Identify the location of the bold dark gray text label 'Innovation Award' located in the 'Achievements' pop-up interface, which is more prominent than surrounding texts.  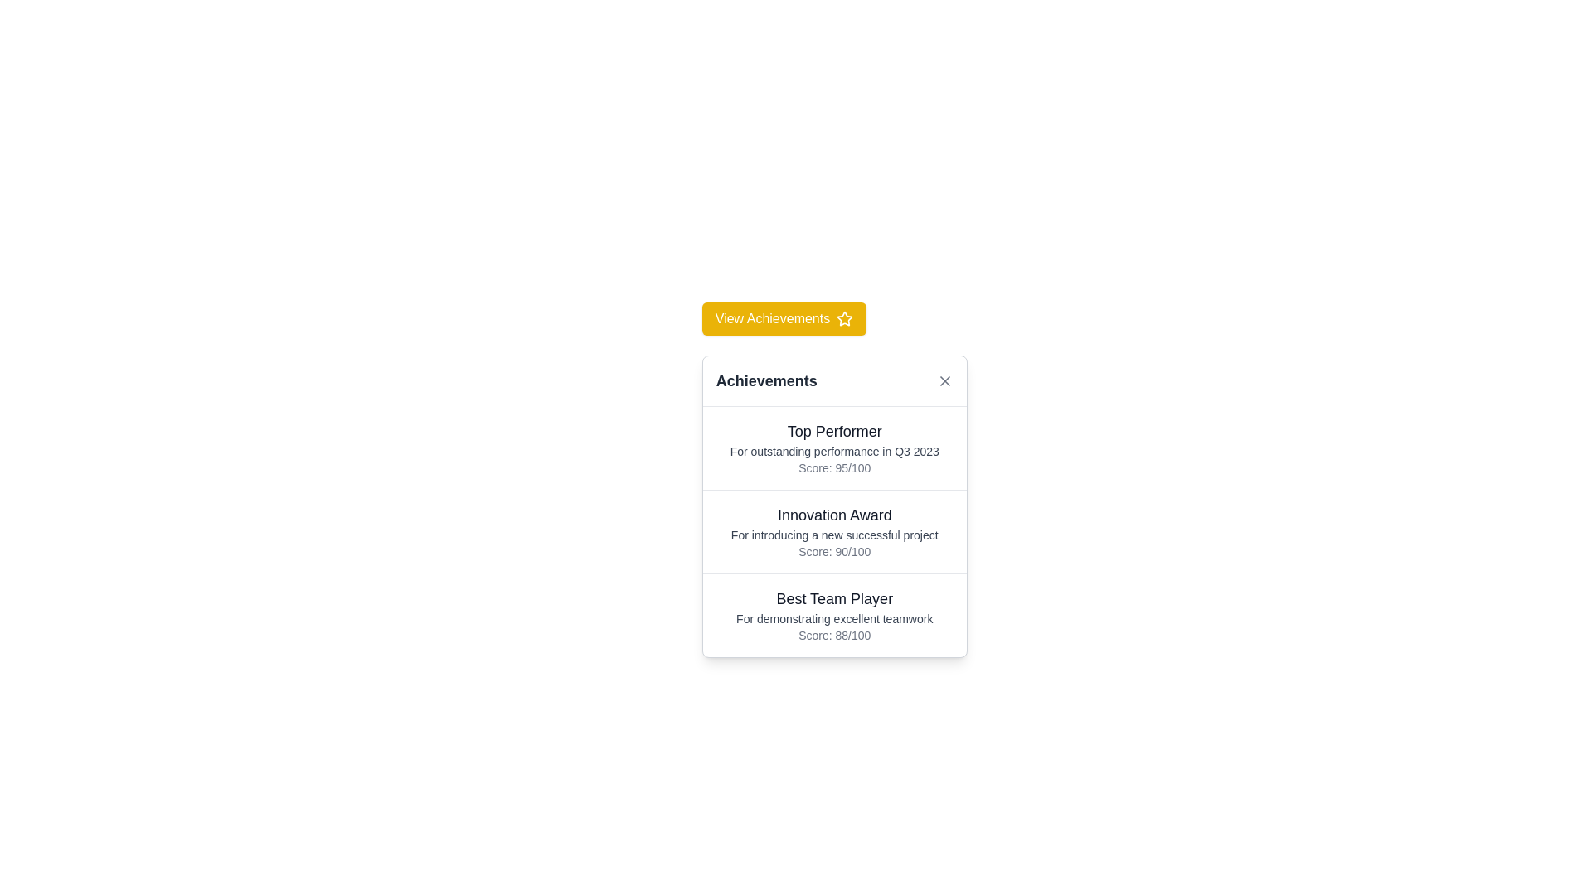
(834, 514).